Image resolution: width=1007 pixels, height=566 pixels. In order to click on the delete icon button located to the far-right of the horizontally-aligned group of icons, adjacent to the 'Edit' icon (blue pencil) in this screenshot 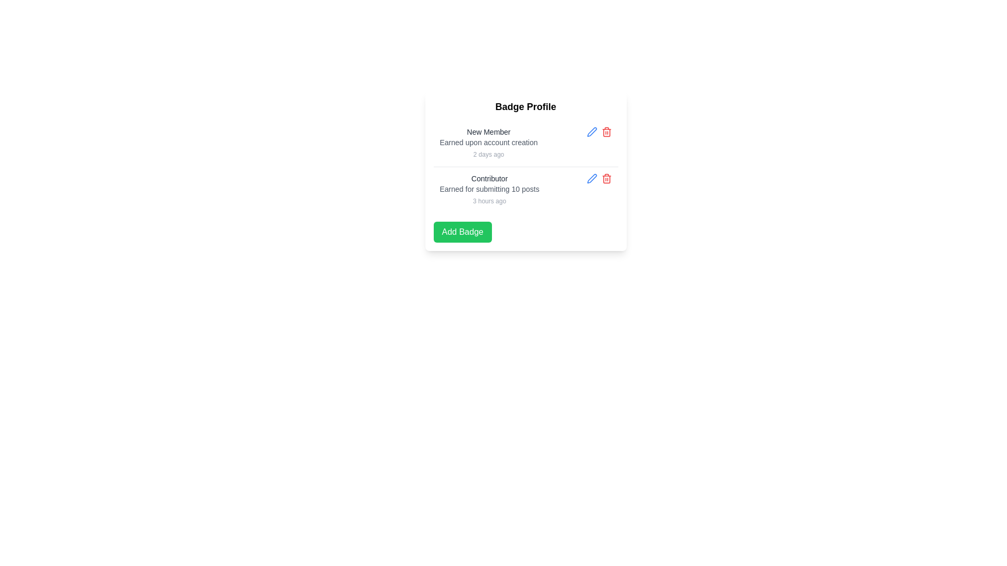, I will do `click(606, 131)`.